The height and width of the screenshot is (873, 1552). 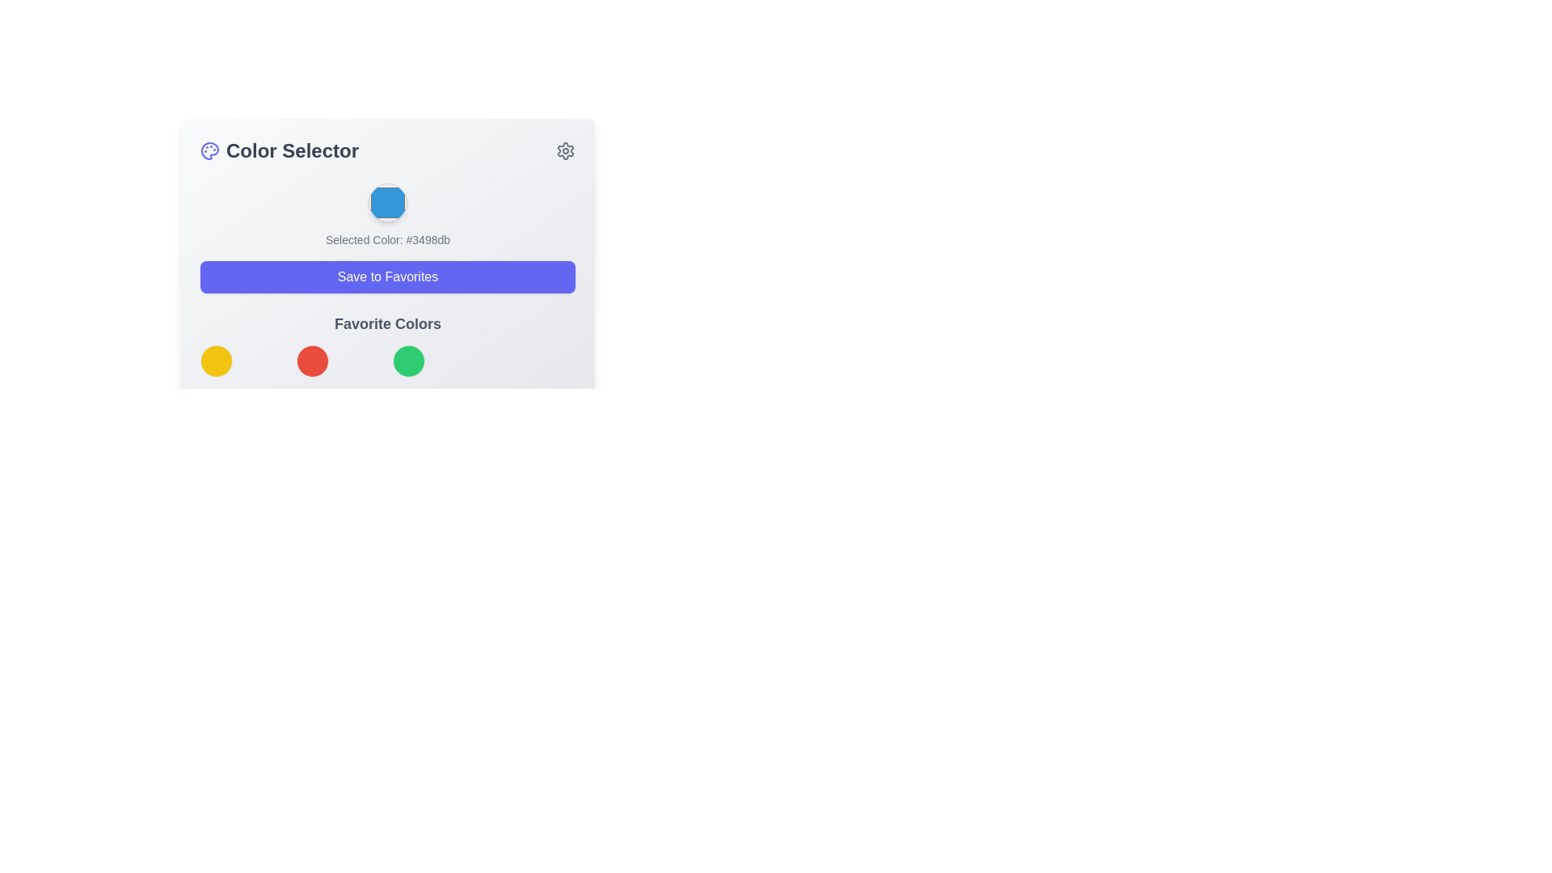 What do you see at coordinates (388, 276) in the screenshot?
I see `the save color button located at the bottom of the vertical group of UI elements` at bounding box center [388, 276].